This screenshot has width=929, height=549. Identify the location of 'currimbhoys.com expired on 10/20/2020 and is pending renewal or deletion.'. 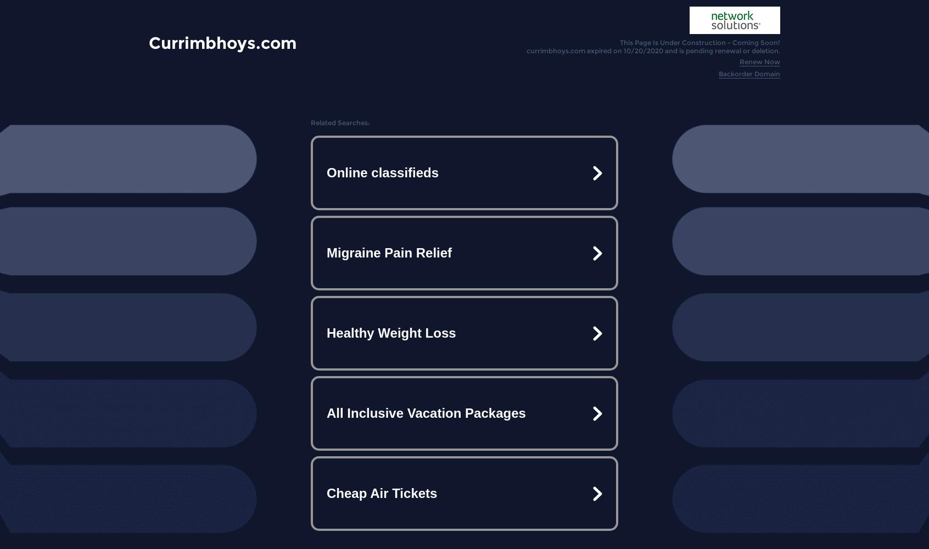
(652, 50).